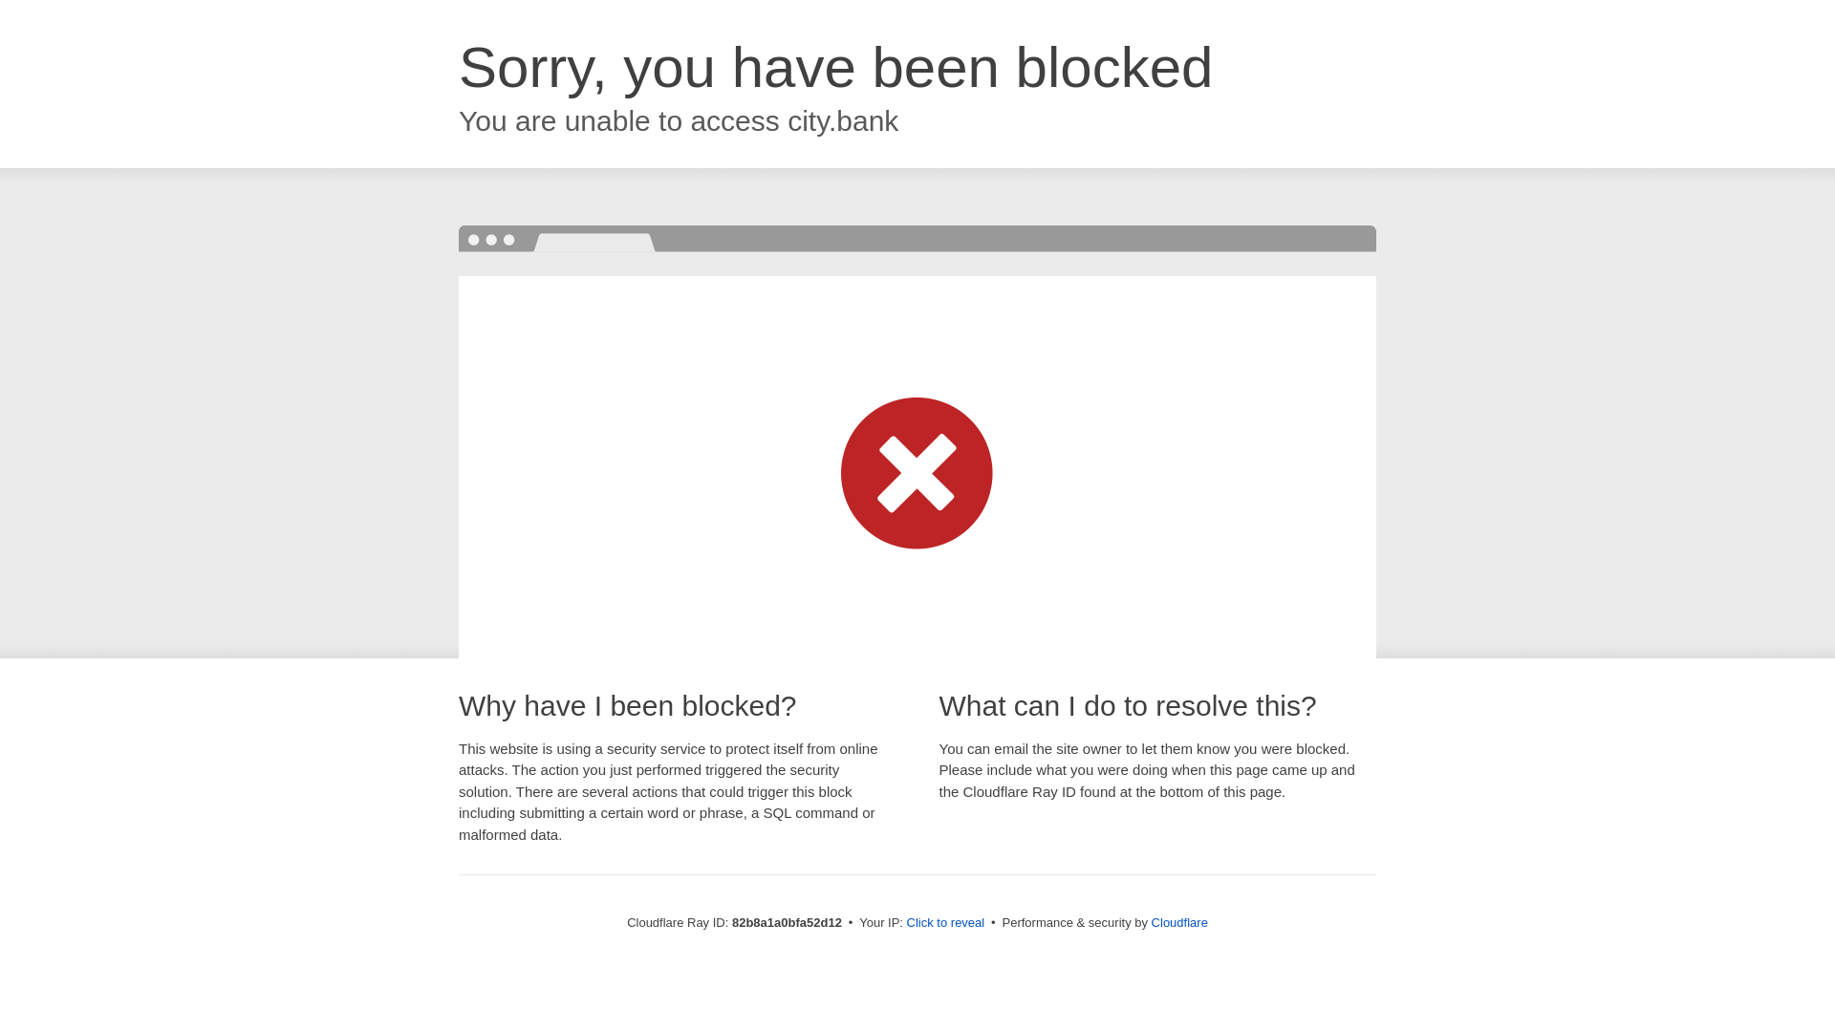  Describe the element at coordinates (945, 921) in the screenshot. I see `'Click to reveal'` at that location.